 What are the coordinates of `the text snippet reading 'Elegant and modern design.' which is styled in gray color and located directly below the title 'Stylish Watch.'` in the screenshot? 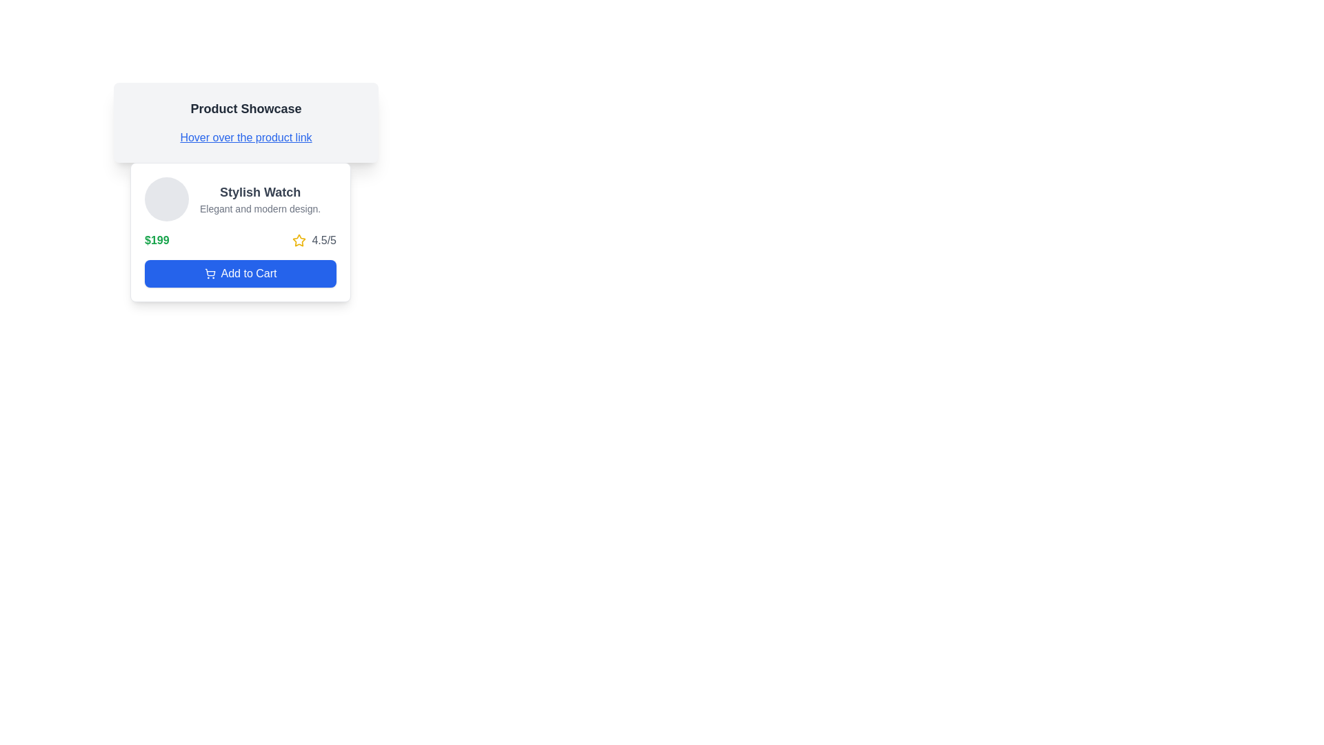 It's located at (260, 209).